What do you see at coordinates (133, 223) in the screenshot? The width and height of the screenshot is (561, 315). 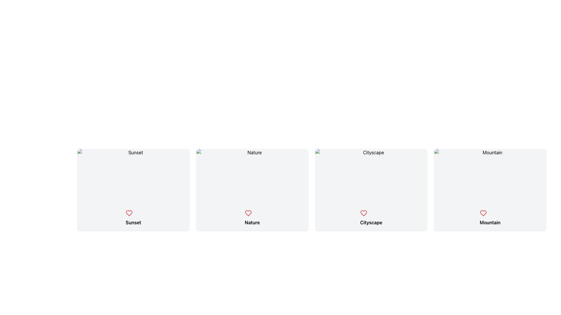 I see `the text label that reads 'Sunset'` at bounding box center [133, 223].